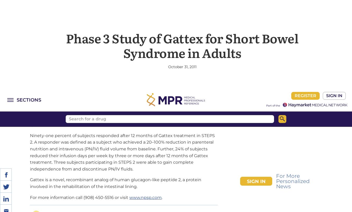 Image resolution: width=352 pixels, height=212 pixels. What do you see at coordinates (35, 180) in the screenshot?
I see `'Just 7 Percent of U.S. Adults Have Gotten Updated COVID-19 Vaccine'` at bounding box center [35, 180].